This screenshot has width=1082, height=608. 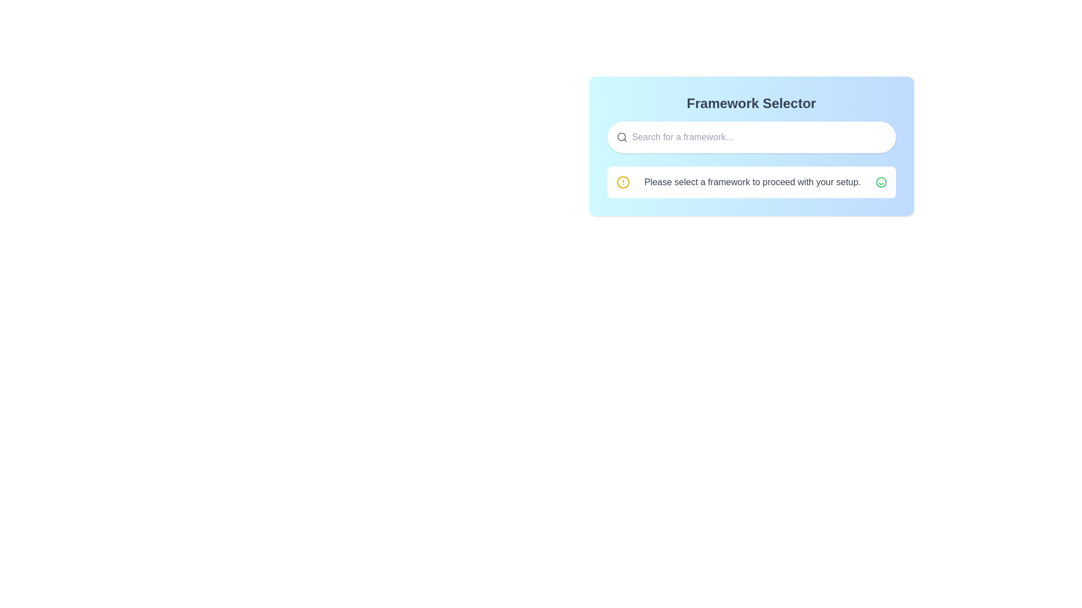 What do you see at coordinates (751, 182) in the screenshot?
I see `the informational banner that displays the message 'Please select a framework to proceed with your setup.' which is styled with a light background and contains warning and success icons` at bounding box center [751, 182].